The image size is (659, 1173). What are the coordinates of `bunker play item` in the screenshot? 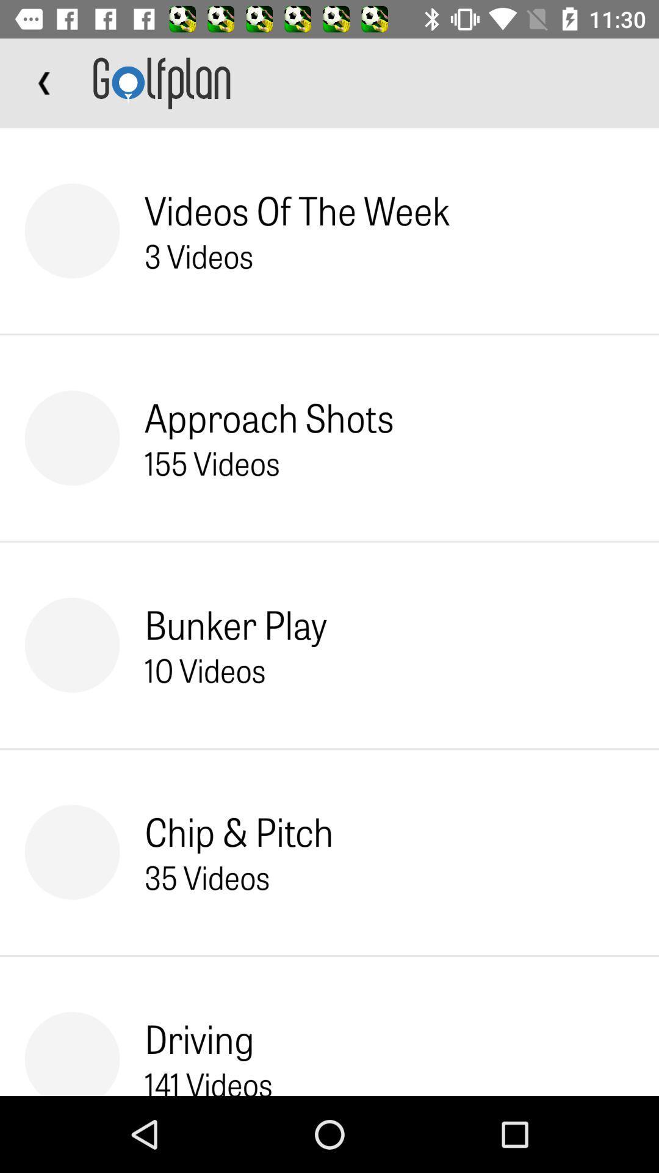 It's located at (236, 624).